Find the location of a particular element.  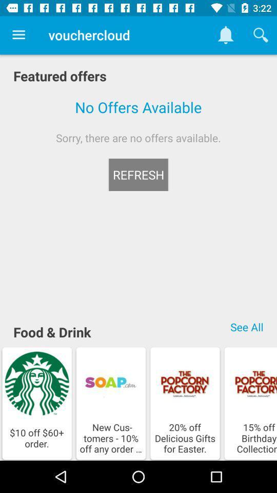

icon below sorry there are is located at coordinates (246, 326).